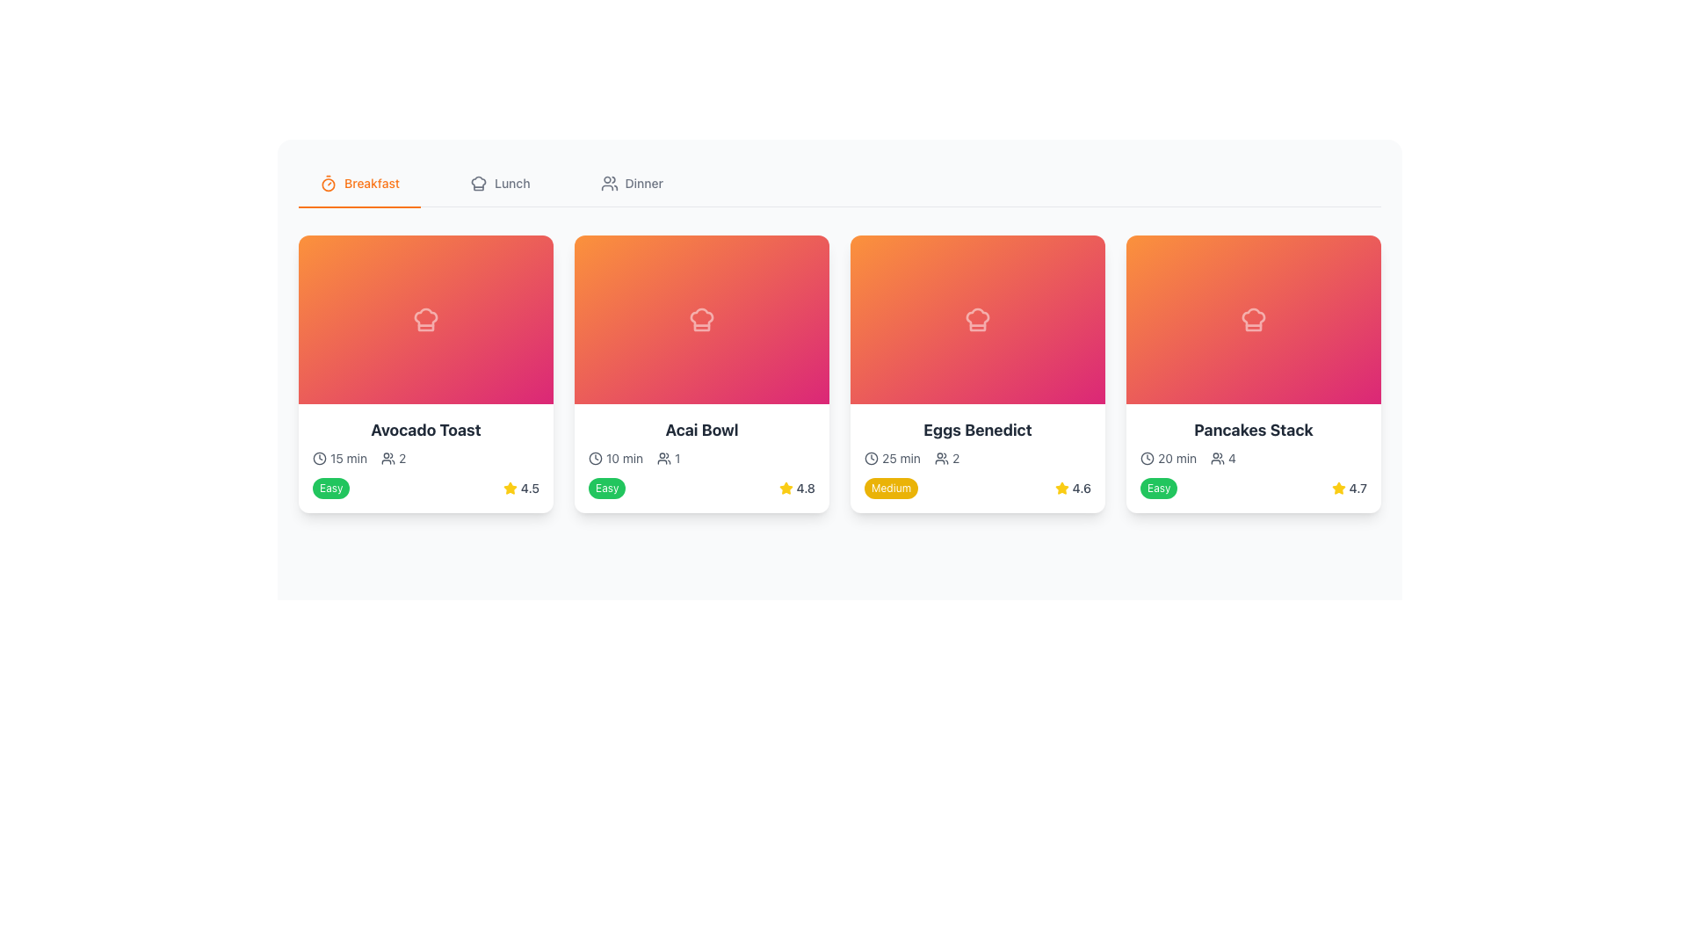 This screenshot has width=1687, height=949. What do you see at coordinates (1252, 319) in the screenshot?
I see `the decorative icon representing a chef's hat located at the top-center of the fourth recipe card, above the text 'Pancakes Stack'` at bounding box center [1252, 319].